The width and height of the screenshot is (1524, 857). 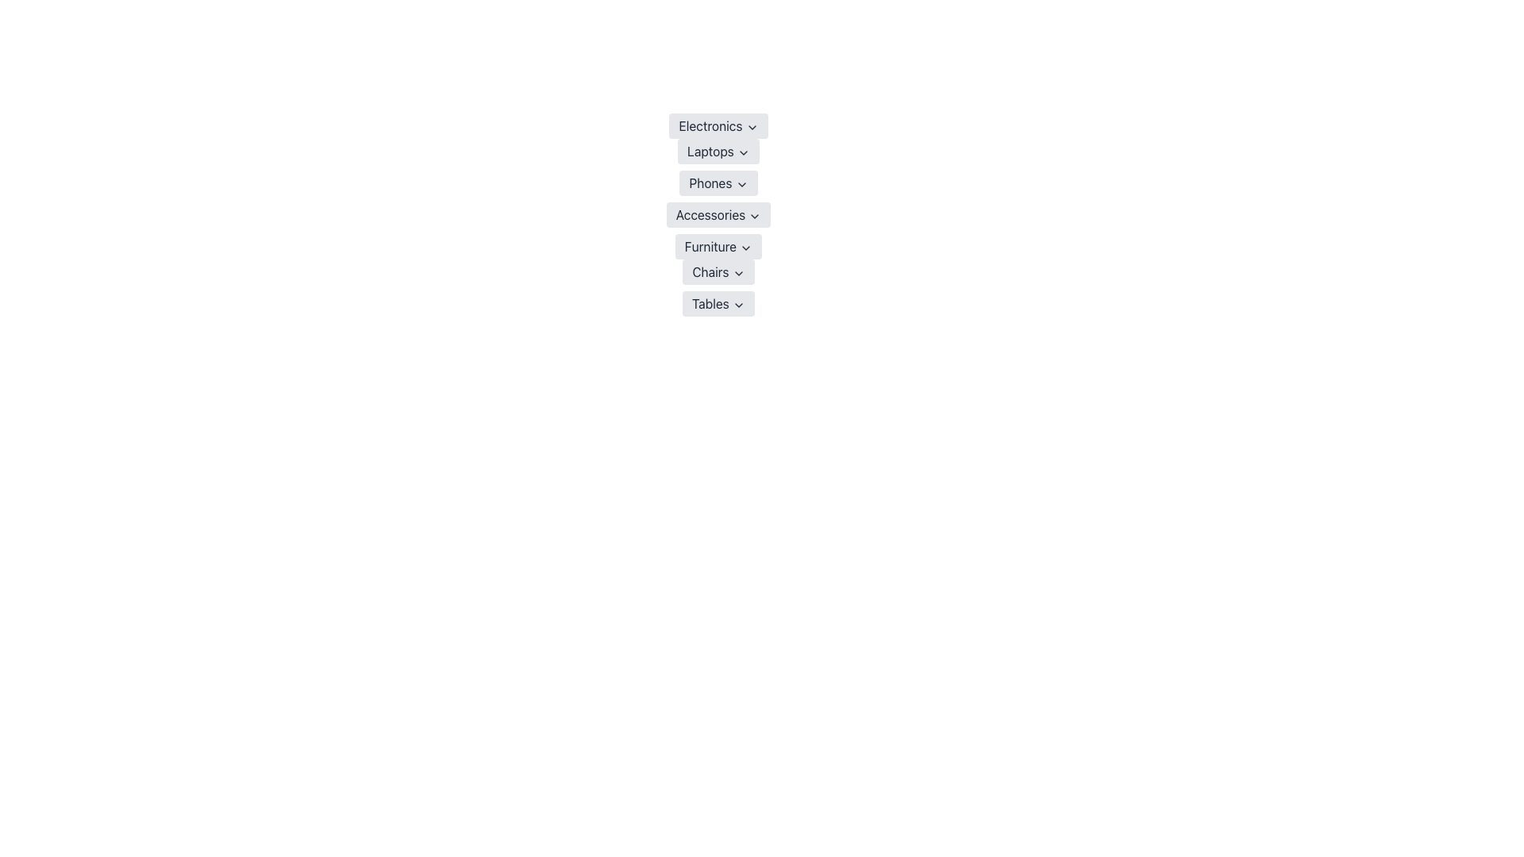 I want to click on the chevron icon located on the right edge of the 'Laptops' button to determine if it can expand or collapse the associated content, so click(x=742, y=152).